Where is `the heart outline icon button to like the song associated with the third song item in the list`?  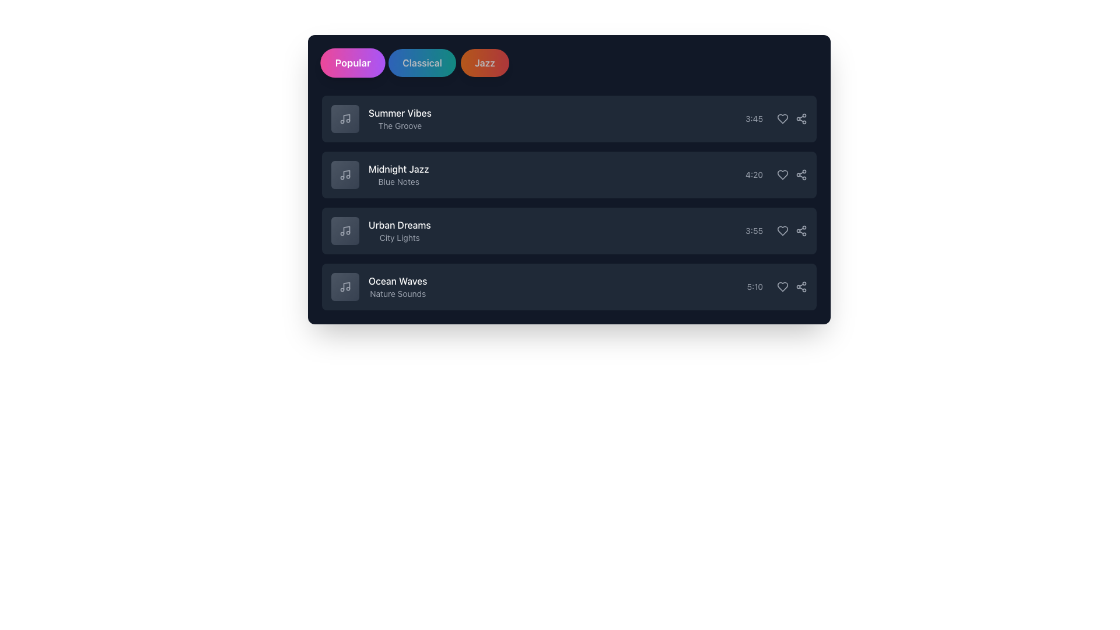 the heart outline icon button to like the song associated with the third song item in the list is located at coordinates (783, 231).